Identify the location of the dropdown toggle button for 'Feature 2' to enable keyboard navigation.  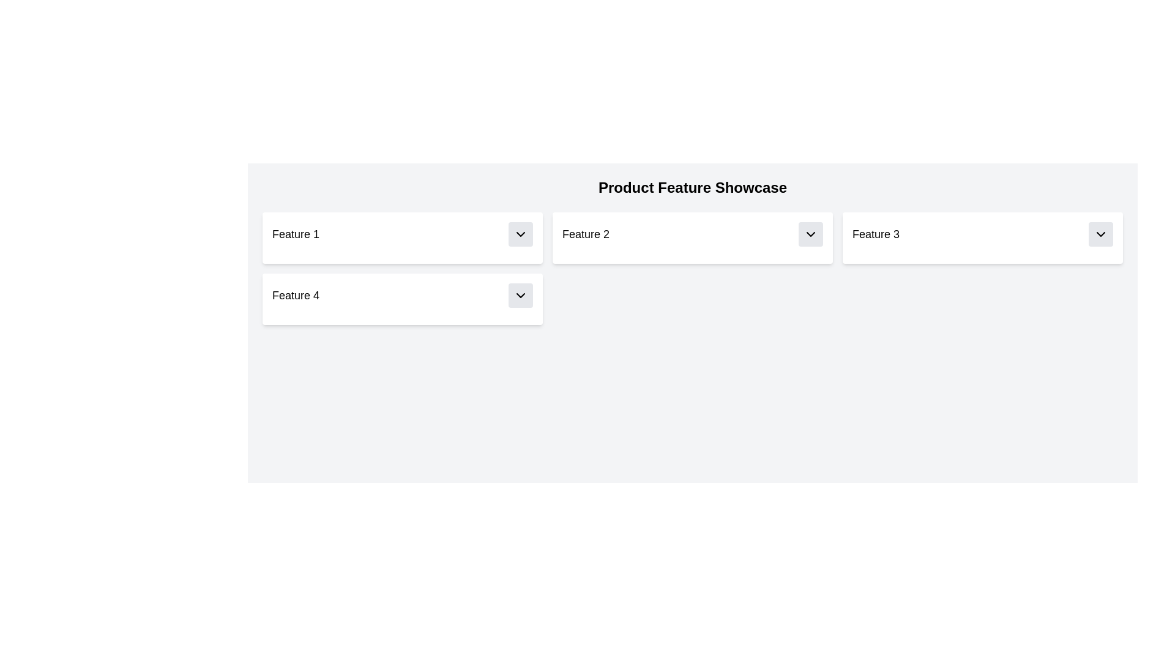
(810, 234).